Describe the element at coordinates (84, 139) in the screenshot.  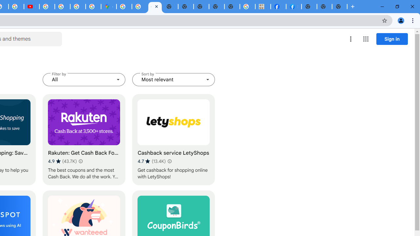
I see `'Rakuten: Get Cash Back For Shopping'` at that location.